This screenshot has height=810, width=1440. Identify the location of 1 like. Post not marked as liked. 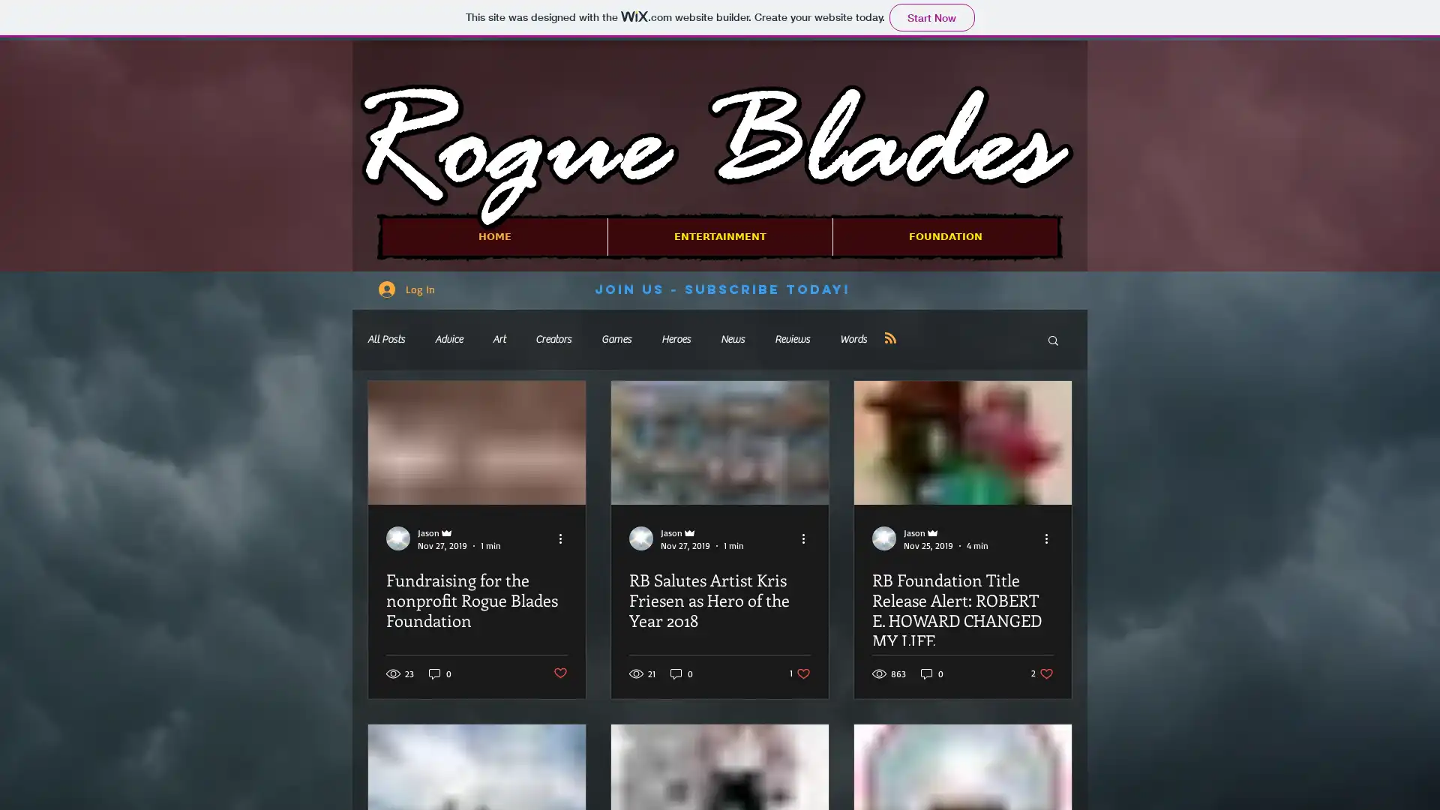
(799, 672).